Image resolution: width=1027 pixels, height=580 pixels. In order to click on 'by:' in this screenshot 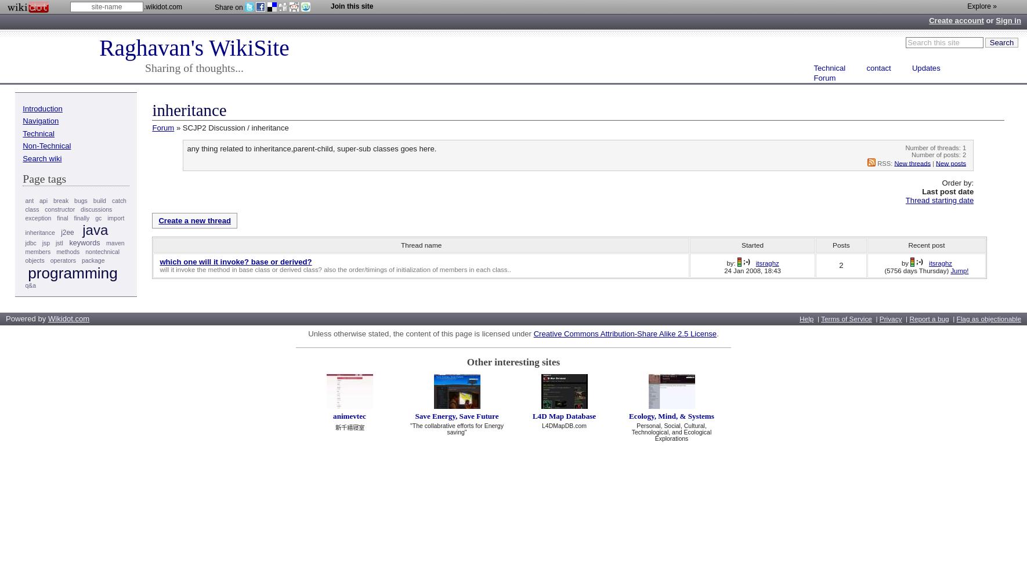, I will do `click(731, 262)`.